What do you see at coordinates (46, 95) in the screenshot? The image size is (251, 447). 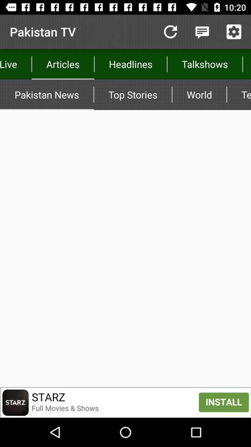 I see `pakistan news icon` at bounding box center [46, 95].